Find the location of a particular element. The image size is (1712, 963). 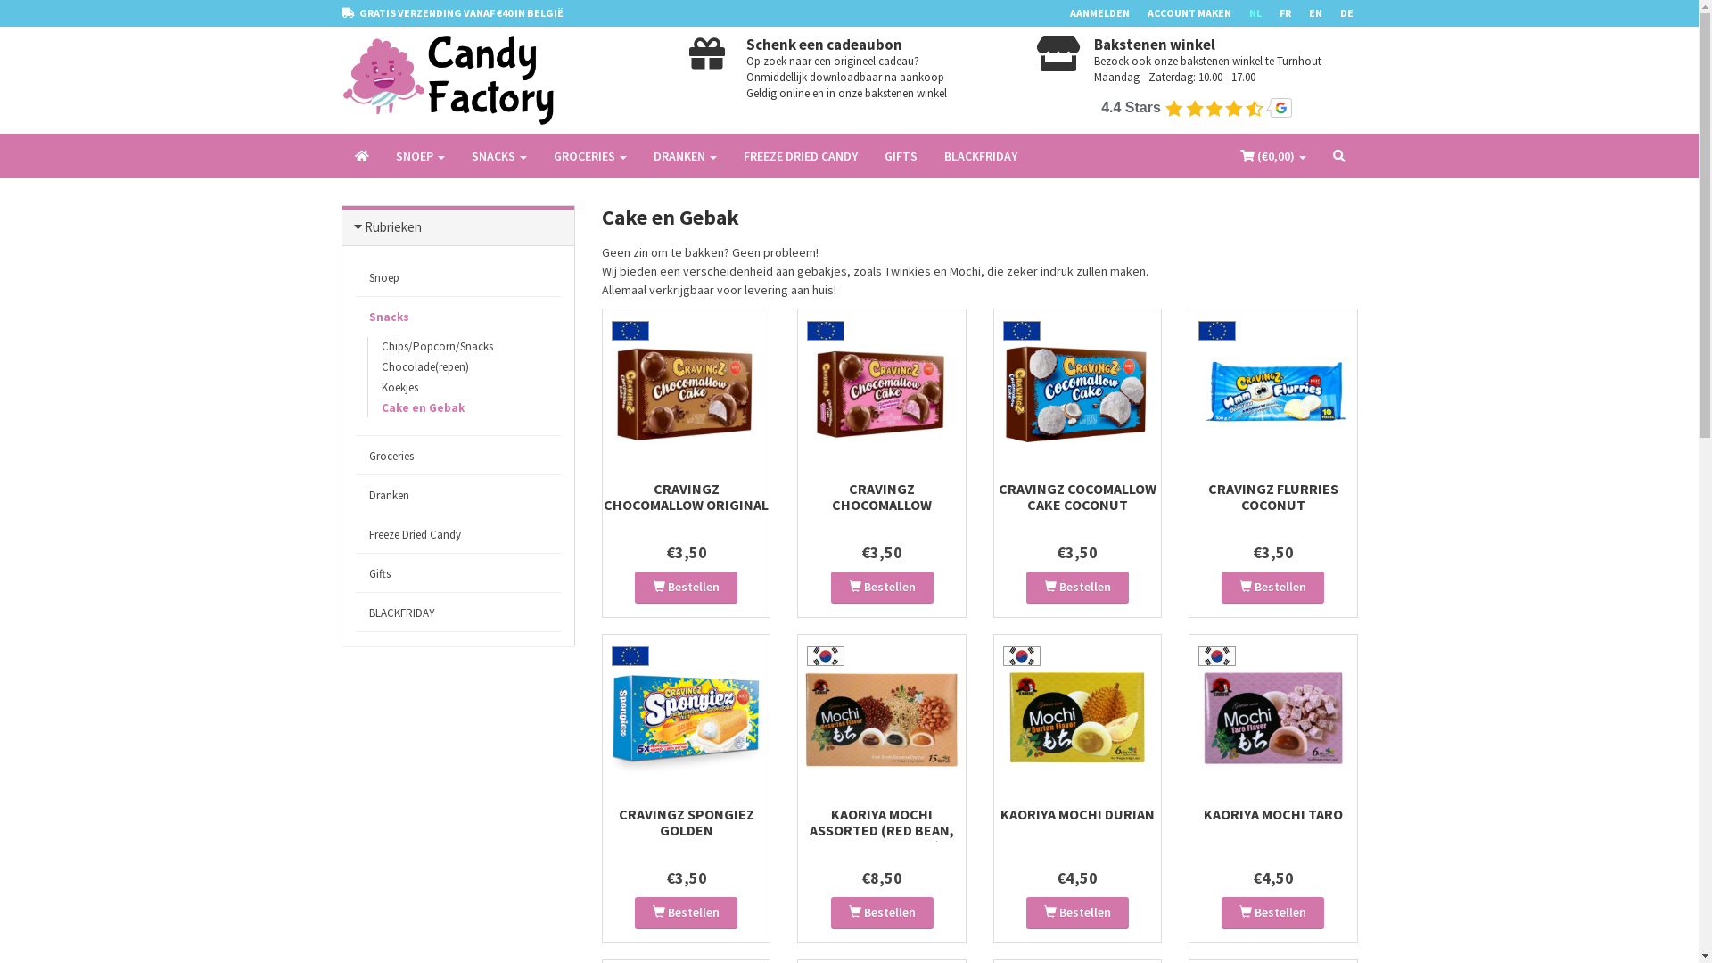

'SNOEP' is located at coordinates (418, 154).